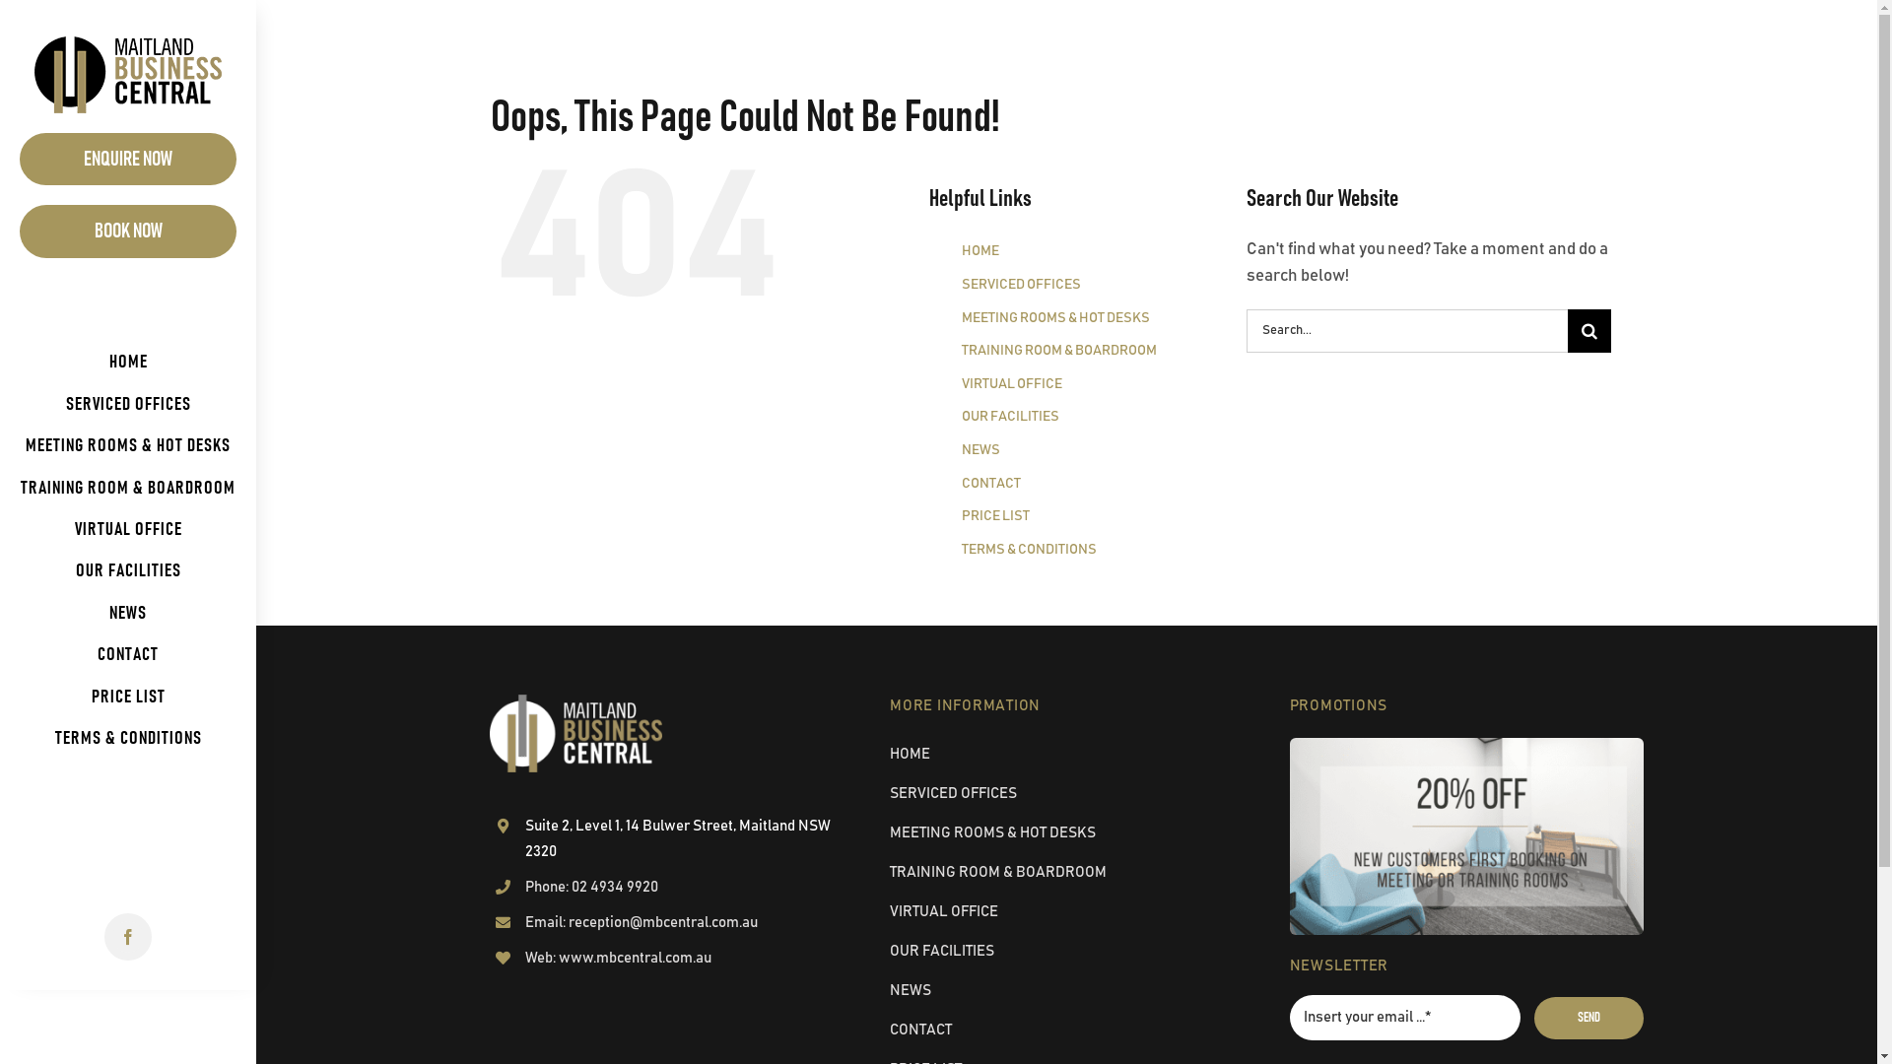  What do you see at coordinates (126, 230) in the screenshot?
I see `'BOOK NOW'` at bounding box center [126, 230].